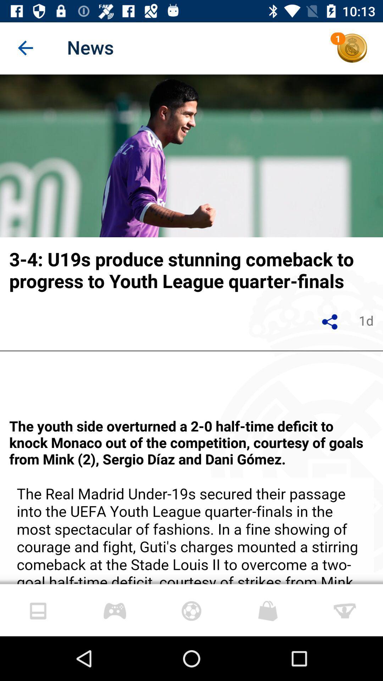  What do you see at coordinates (268, 610) in the screenshot?
I see `the shopping icon which is in the bottom of the page` at bounding box center [268, 610].